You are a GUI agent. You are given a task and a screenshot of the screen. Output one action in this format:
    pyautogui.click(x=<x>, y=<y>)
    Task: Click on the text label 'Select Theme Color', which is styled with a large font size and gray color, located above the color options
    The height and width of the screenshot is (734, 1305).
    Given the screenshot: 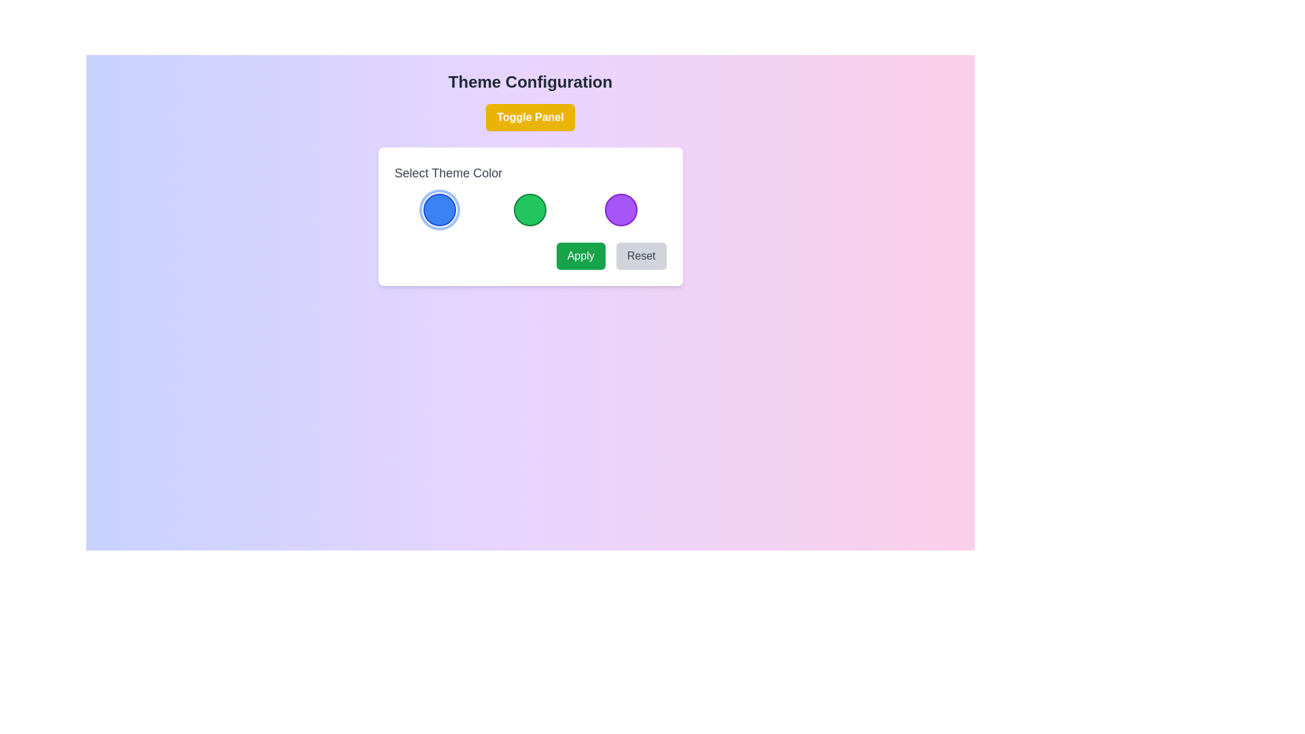 What is the action you would take?
    pyautogui.click(x=448, y=172)
    